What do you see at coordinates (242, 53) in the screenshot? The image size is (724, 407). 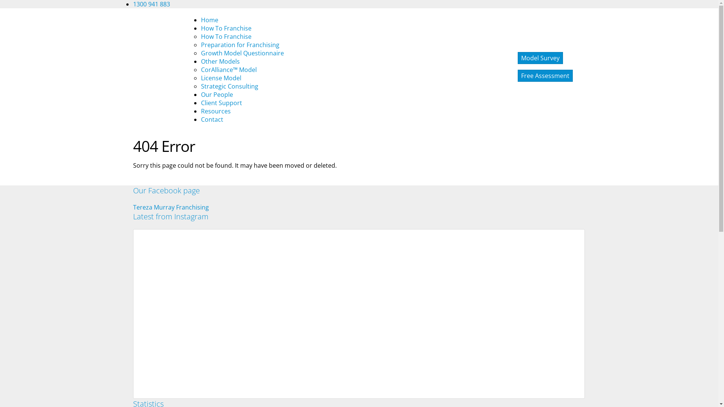 I see `'Growth Model Questionnaire'` at bounding box center [242, 53].